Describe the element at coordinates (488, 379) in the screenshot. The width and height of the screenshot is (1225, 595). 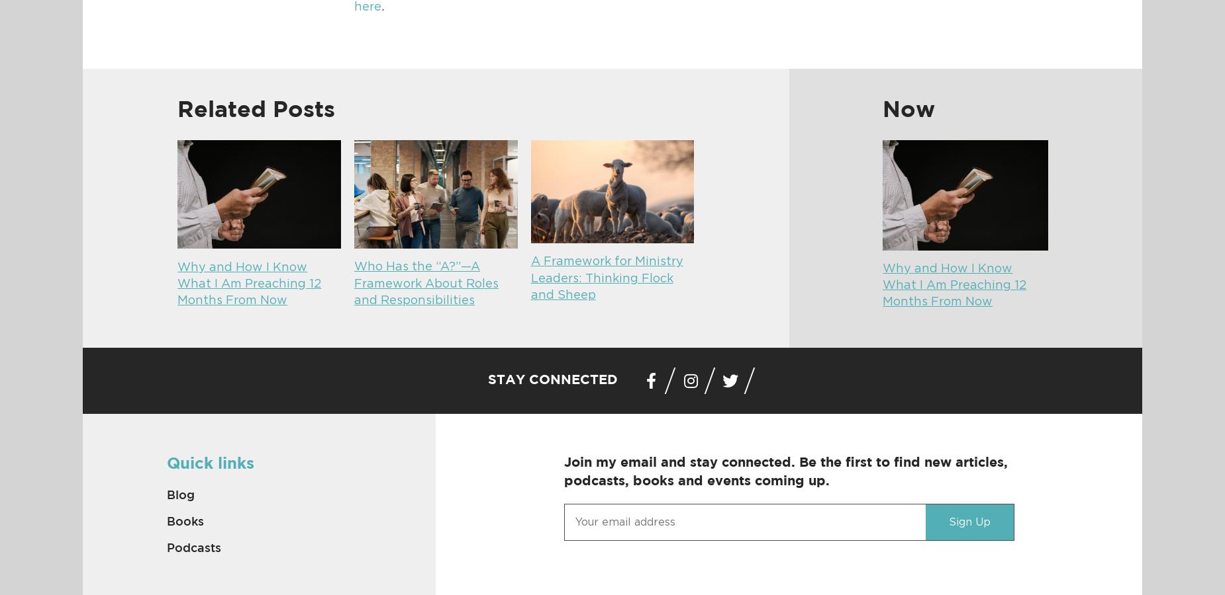
I see `'STAY CONNECTED'` at that location.